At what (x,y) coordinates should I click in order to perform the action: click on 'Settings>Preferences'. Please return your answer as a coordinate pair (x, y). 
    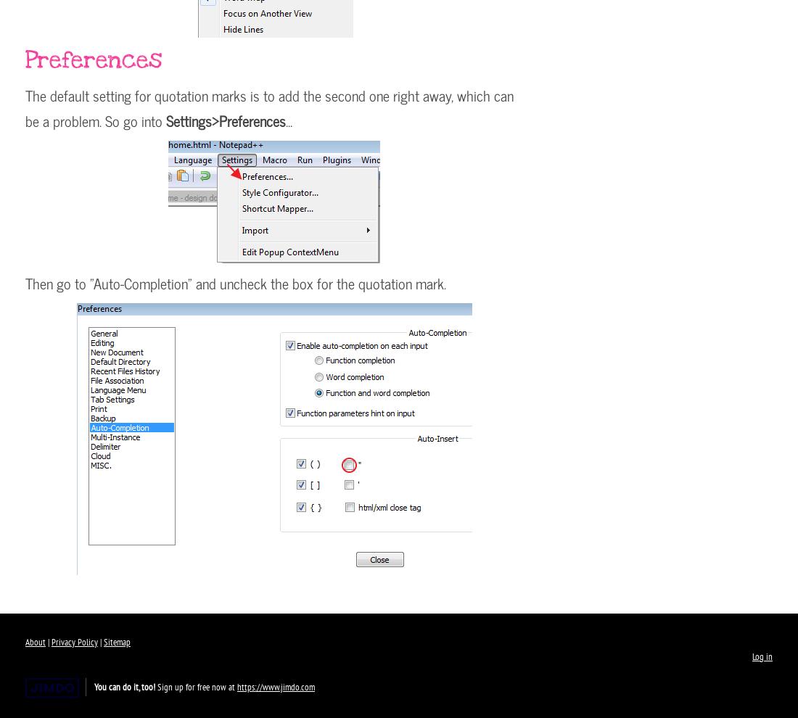
    Looking at the image, I should click on (225, 120).